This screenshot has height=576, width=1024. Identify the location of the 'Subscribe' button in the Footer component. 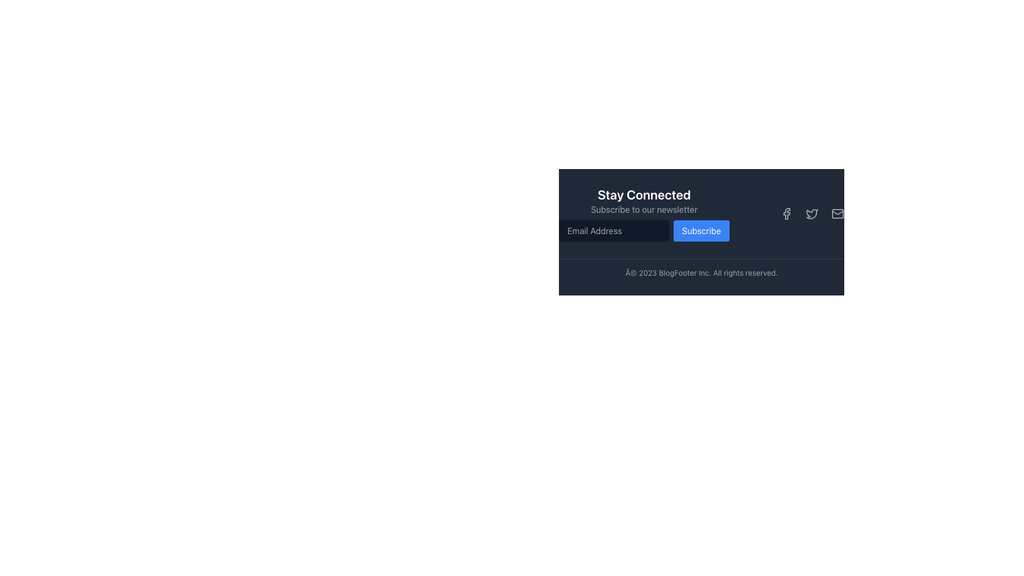
(701, 231).